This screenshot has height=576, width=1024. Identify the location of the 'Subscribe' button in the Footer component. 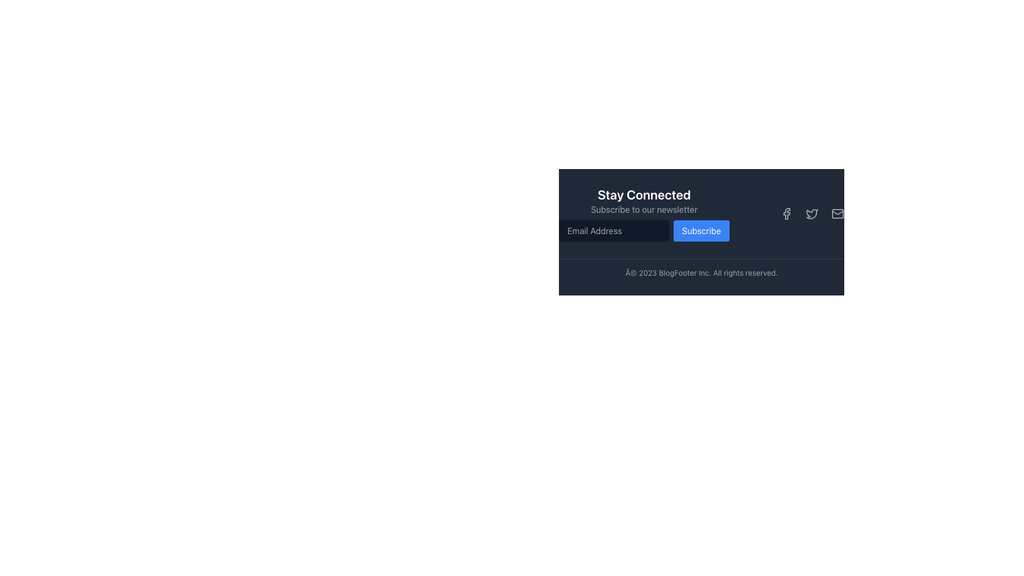
(701, 231).